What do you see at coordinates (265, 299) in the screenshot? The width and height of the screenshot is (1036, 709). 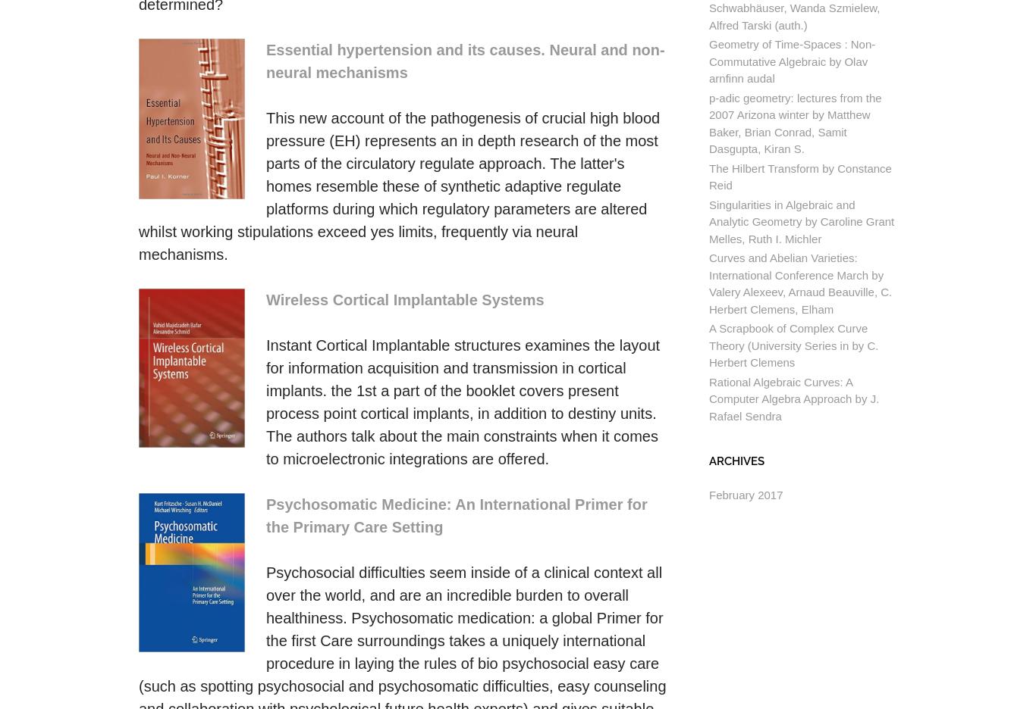 I see `'Wireless Cortical Implantable Systems'` at bounding box center [265, 299].